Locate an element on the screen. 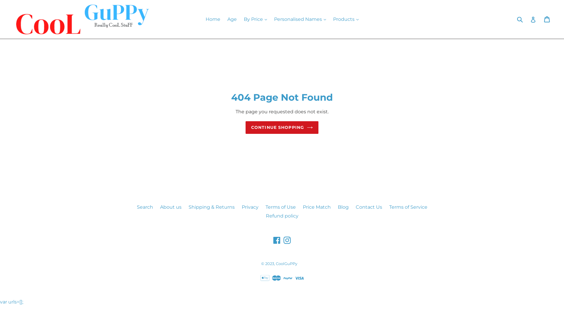 This screenshot has width=564, height=317. 'Blog' is located at coordinates (338, 207).